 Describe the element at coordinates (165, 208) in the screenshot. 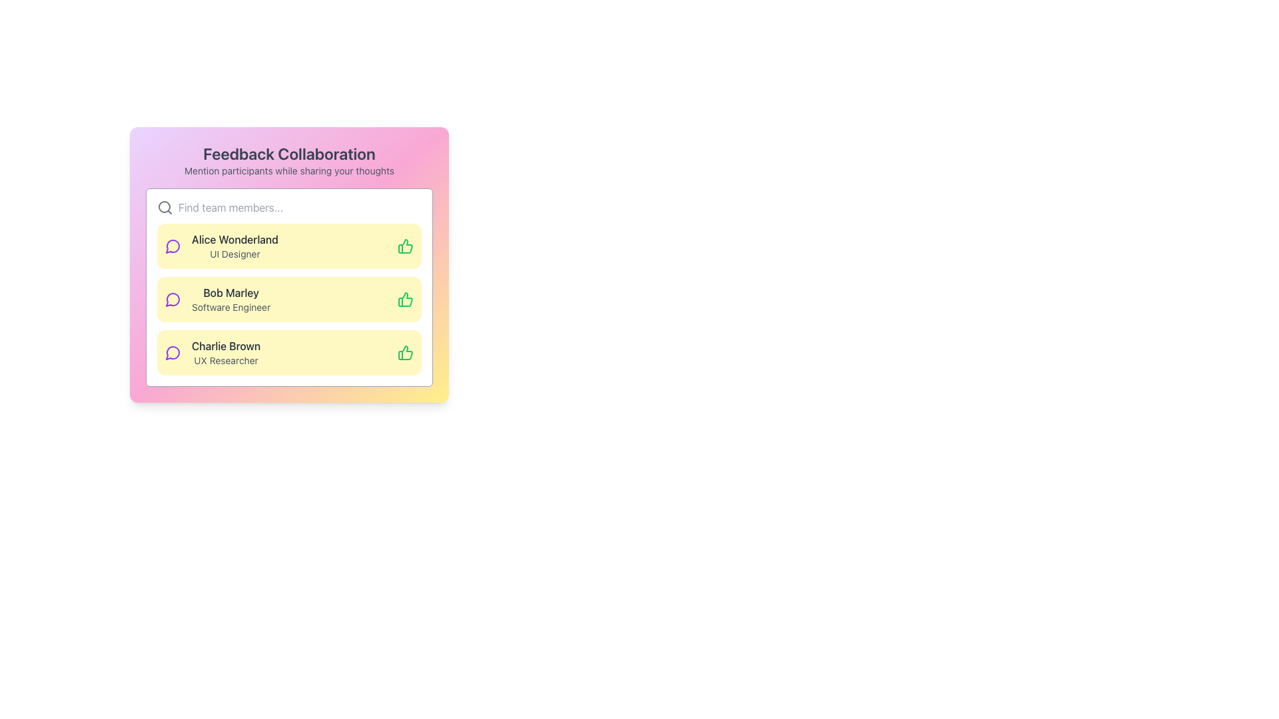

I see `the magnifying glass-shaped search icon located to the left of the 'Find team members...' text input field` at that location.